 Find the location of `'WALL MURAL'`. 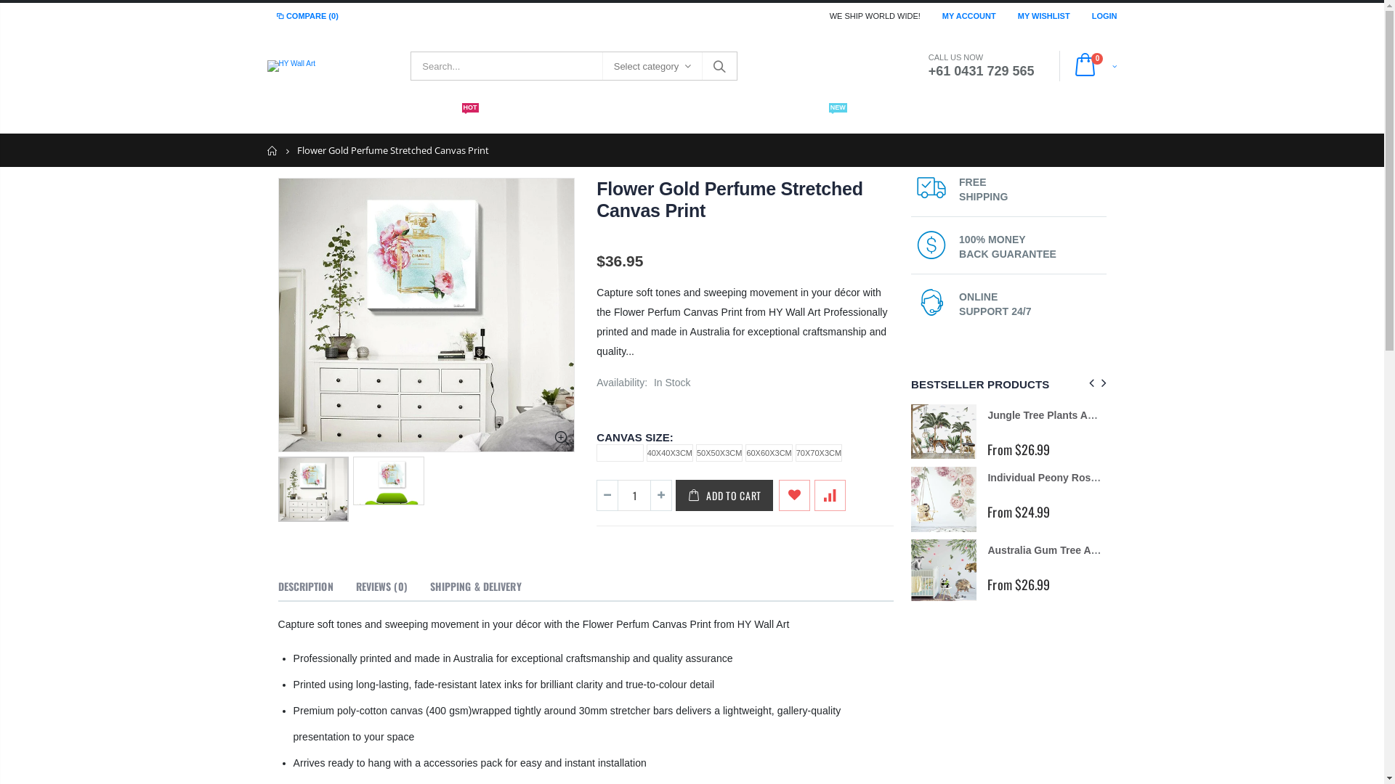

'WALL MURAL' is located at coordinates (716, 117).